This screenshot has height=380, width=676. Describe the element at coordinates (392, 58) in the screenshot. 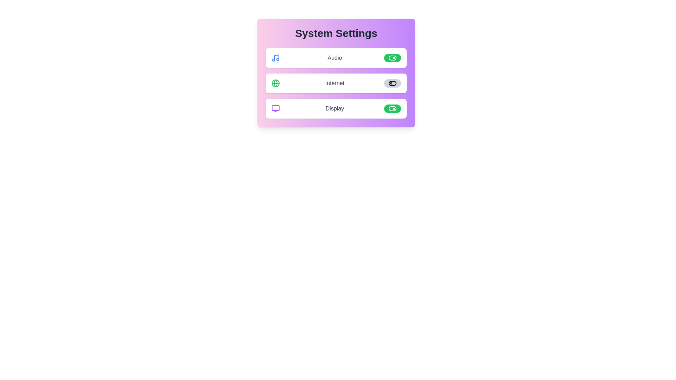

I see `the toggle background element of the 'Audio' option in the 'System Settings' interface to switch its state` at that location.